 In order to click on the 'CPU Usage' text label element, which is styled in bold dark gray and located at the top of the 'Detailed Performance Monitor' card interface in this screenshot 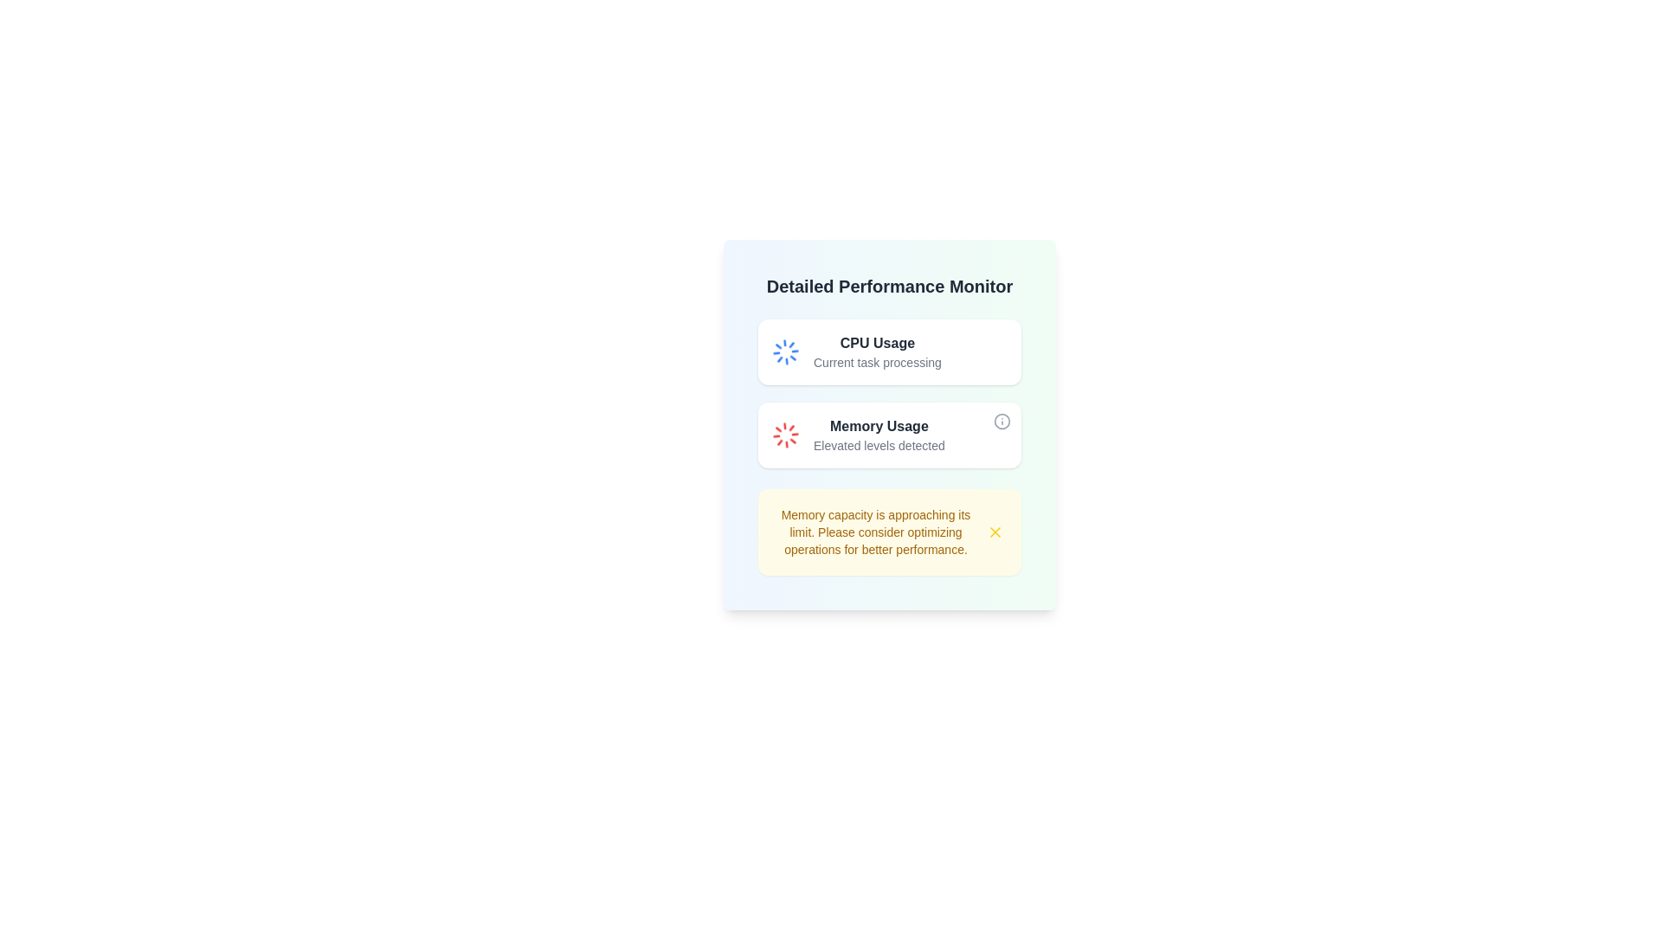, I will do `click(877, 344)`.